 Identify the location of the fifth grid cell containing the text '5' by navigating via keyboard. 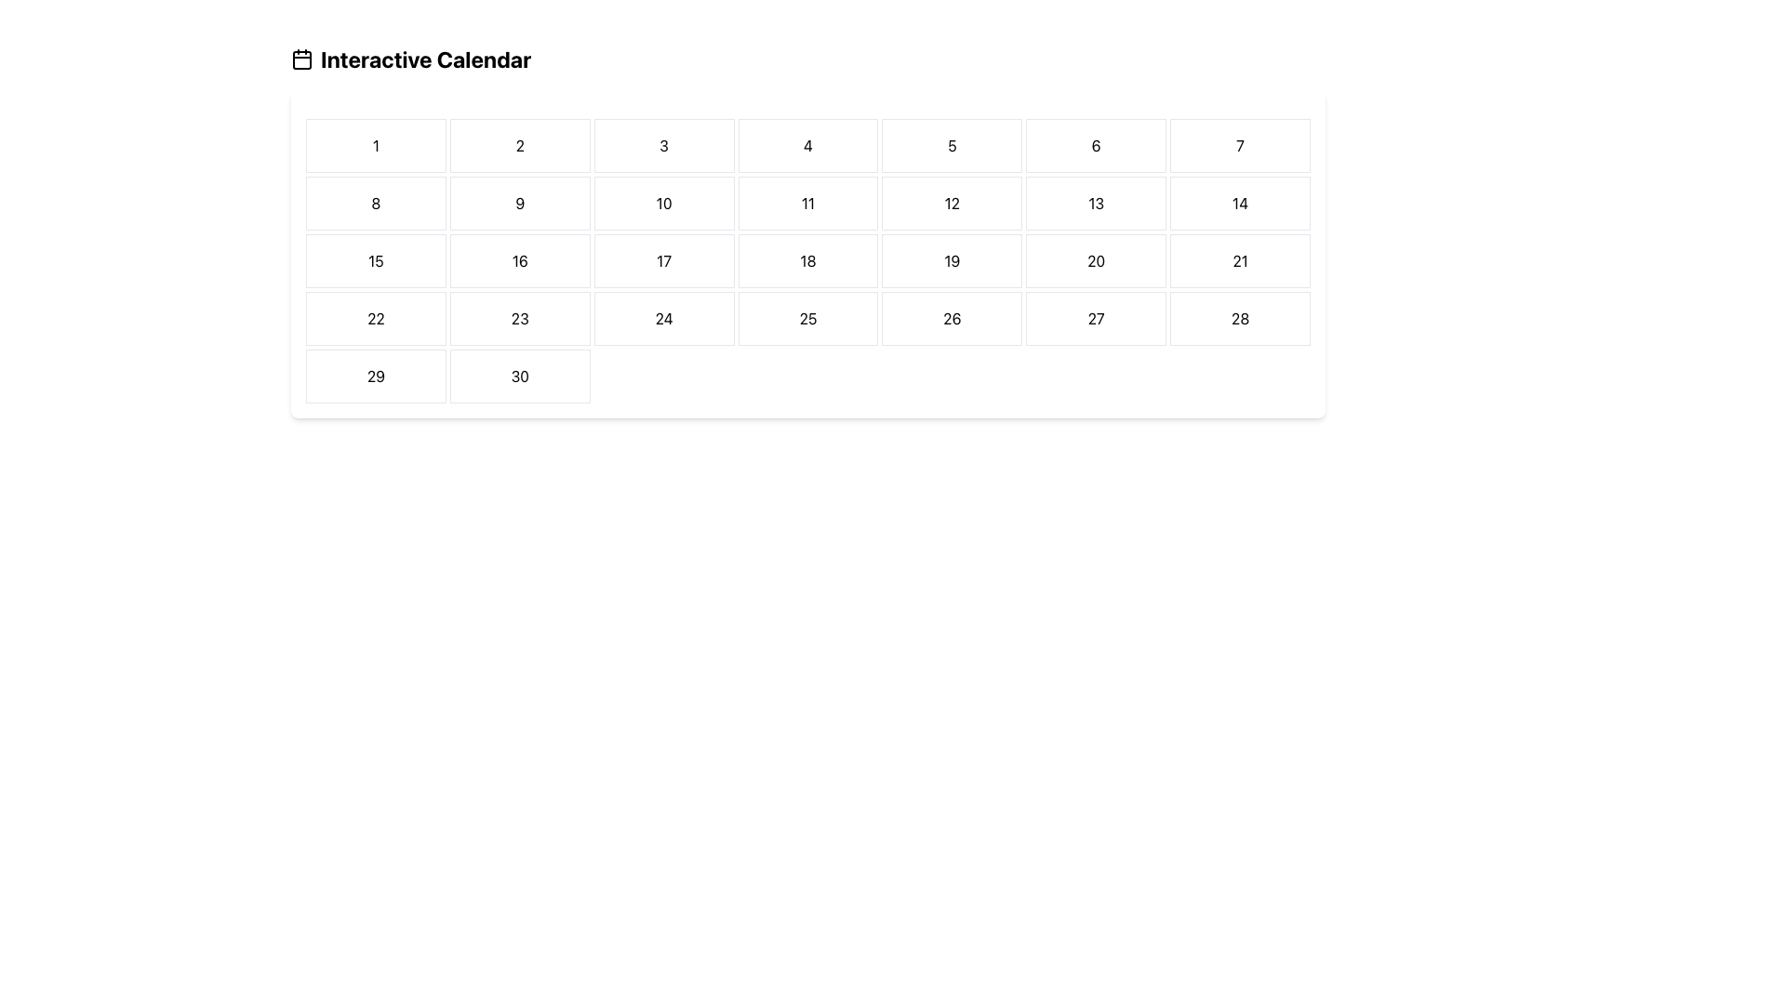
(952, 145).